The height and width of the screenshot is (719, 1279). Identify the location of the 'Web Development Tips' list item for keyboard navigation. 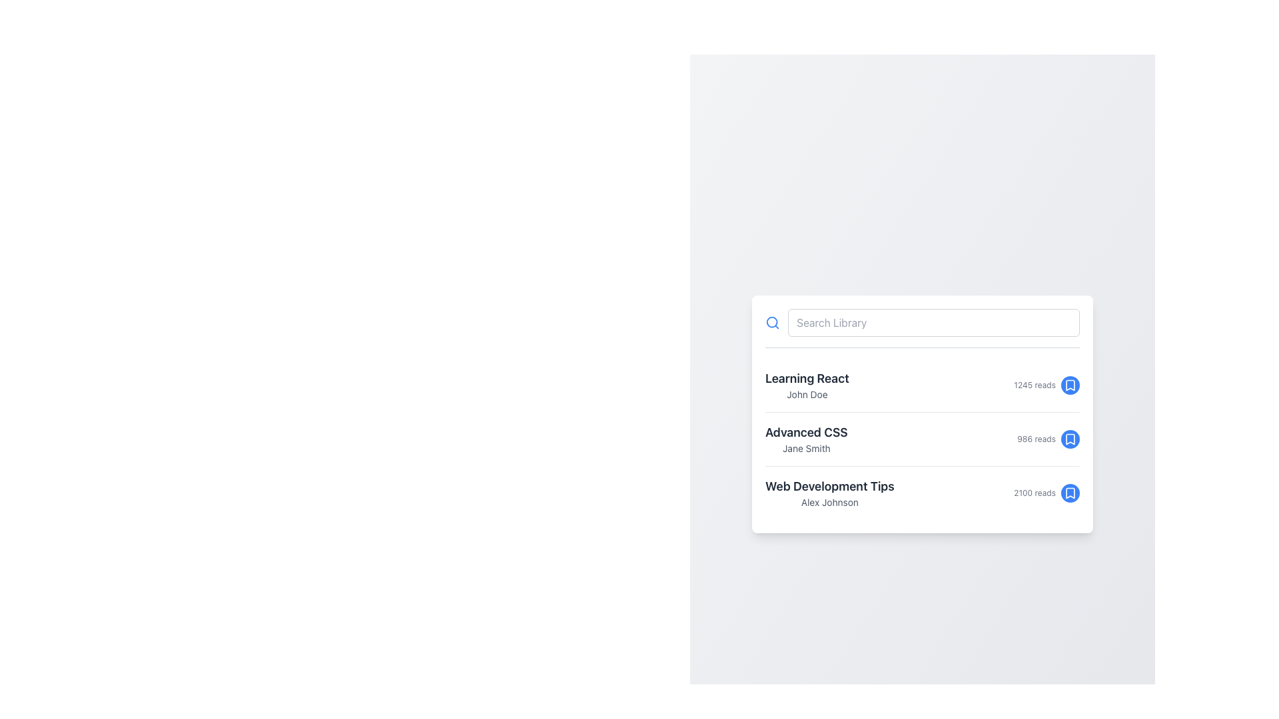
(922, 493).